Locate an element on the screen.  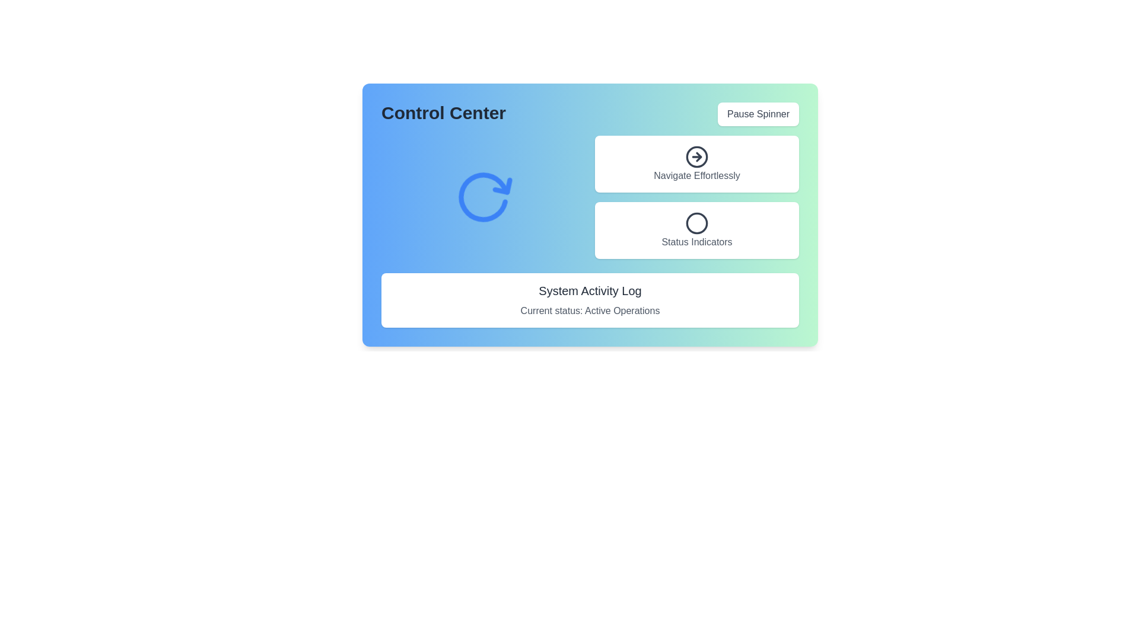
the status indicator icon located in the second rectangular card area, near the middle of the right side of the interface is located at coordinates (697, 223).